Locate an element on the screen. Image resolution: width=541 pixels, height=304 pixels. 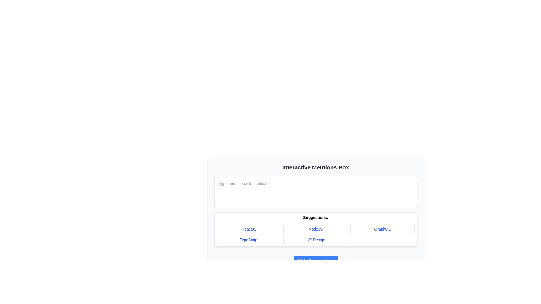
the button labeled 'ReactJS' located in the first column of the first row within the 'Suggestions' grid is located at coordinates (249, 229).